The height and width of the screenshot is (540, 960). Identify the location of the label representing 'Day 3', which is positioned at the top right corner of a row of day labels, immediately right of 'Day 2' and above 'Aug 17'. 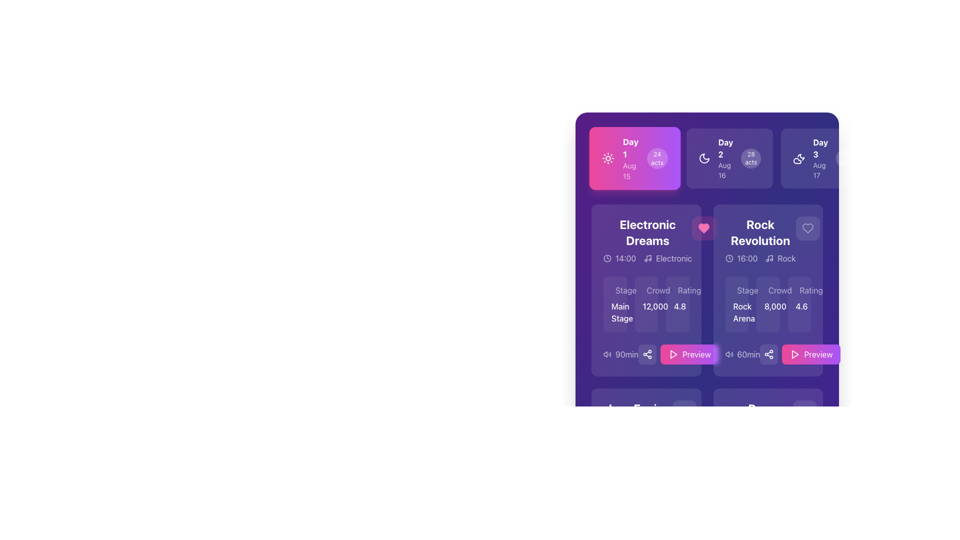
(820, 148).